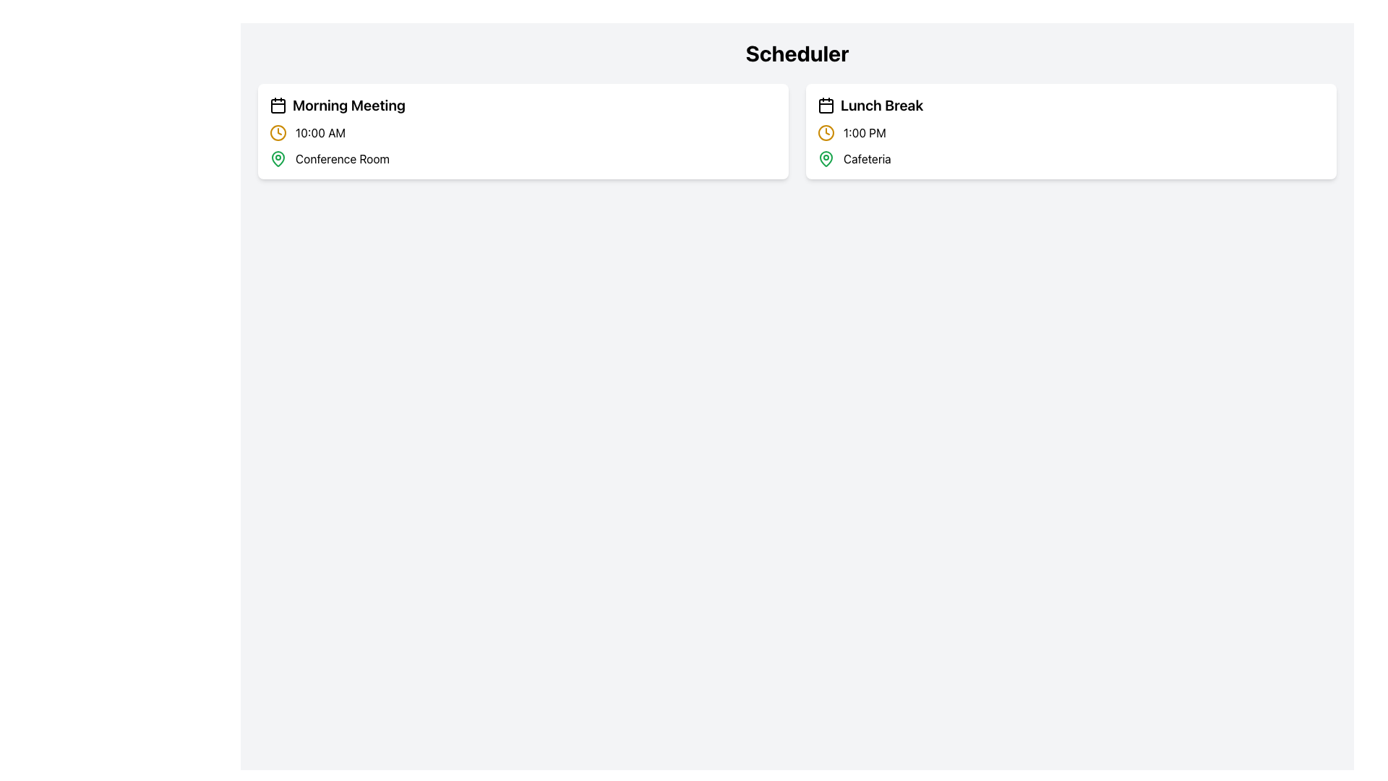 This screenshot has width=1388, height=781. I want to click on the map pin icon located to the left of the text 'Conference Room', so click(278, 158).